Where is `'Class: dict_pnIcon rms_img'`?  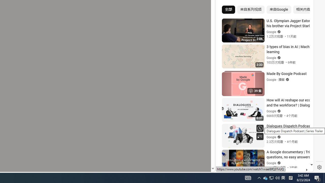
'Class: dict_pnIcon rms_img' is located at coordinates (261, 168).